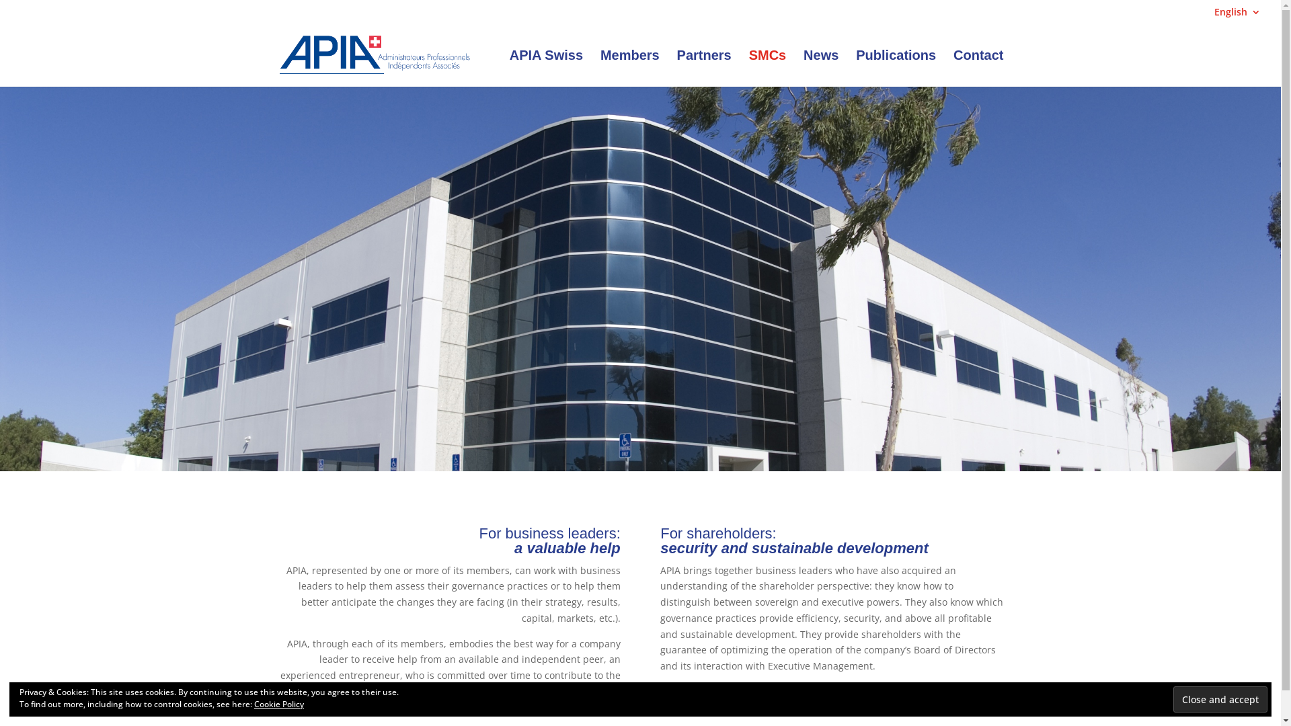  What do you see at coordinates (804, 68) in the screenshot?
I see `'News'` at bounding box center [804, 68].